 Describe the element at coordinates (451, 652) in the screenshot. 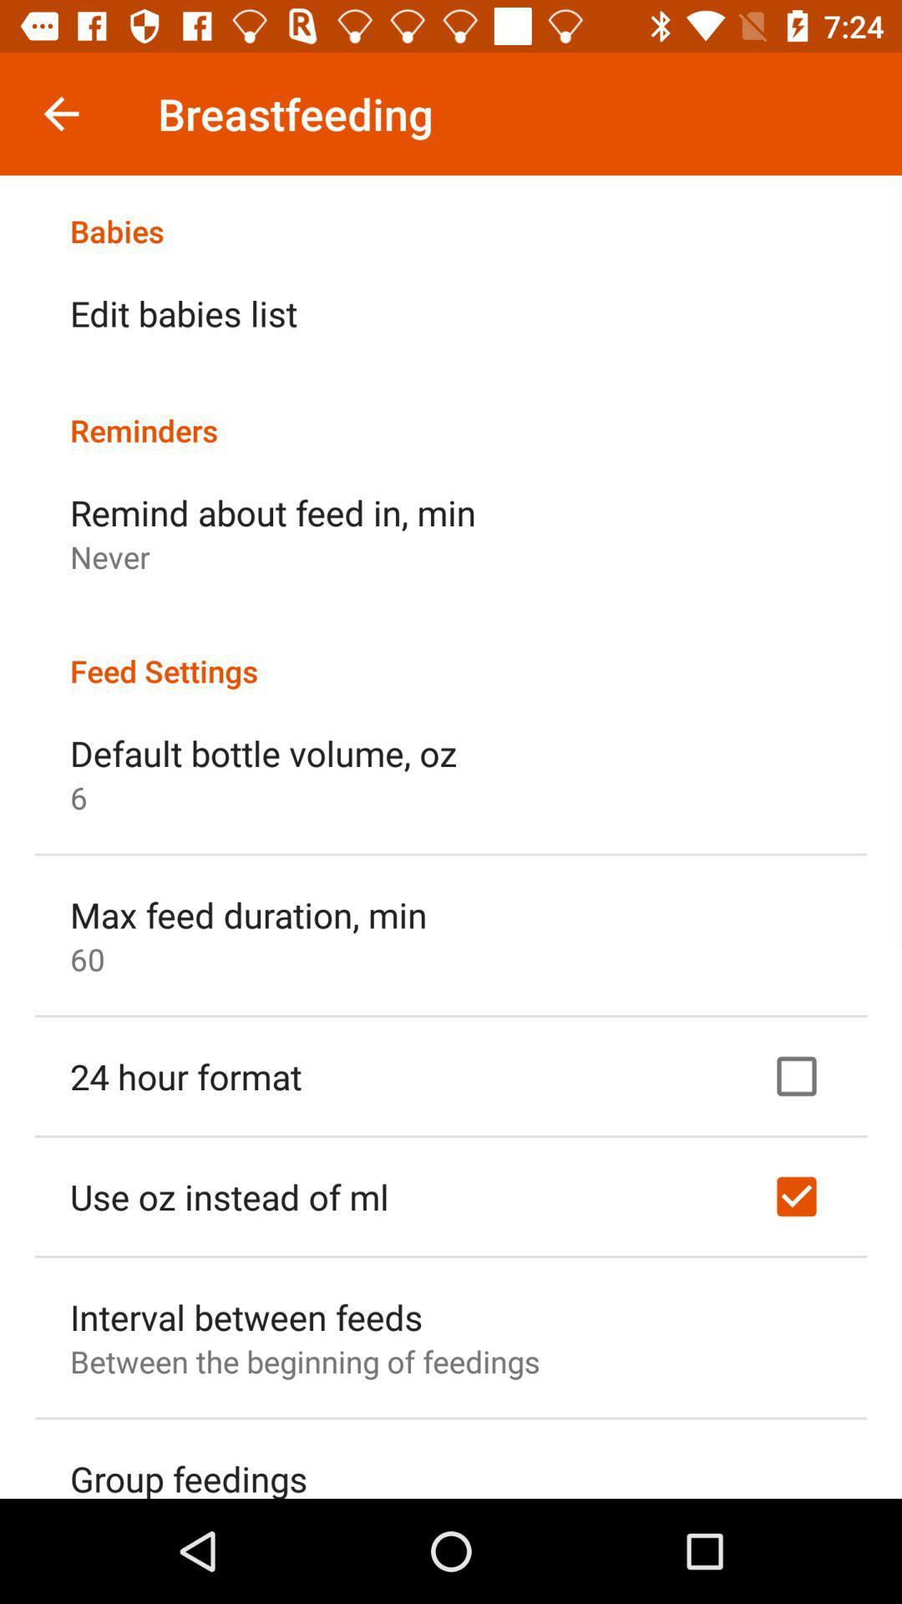

I see `icon at the center` at that location.